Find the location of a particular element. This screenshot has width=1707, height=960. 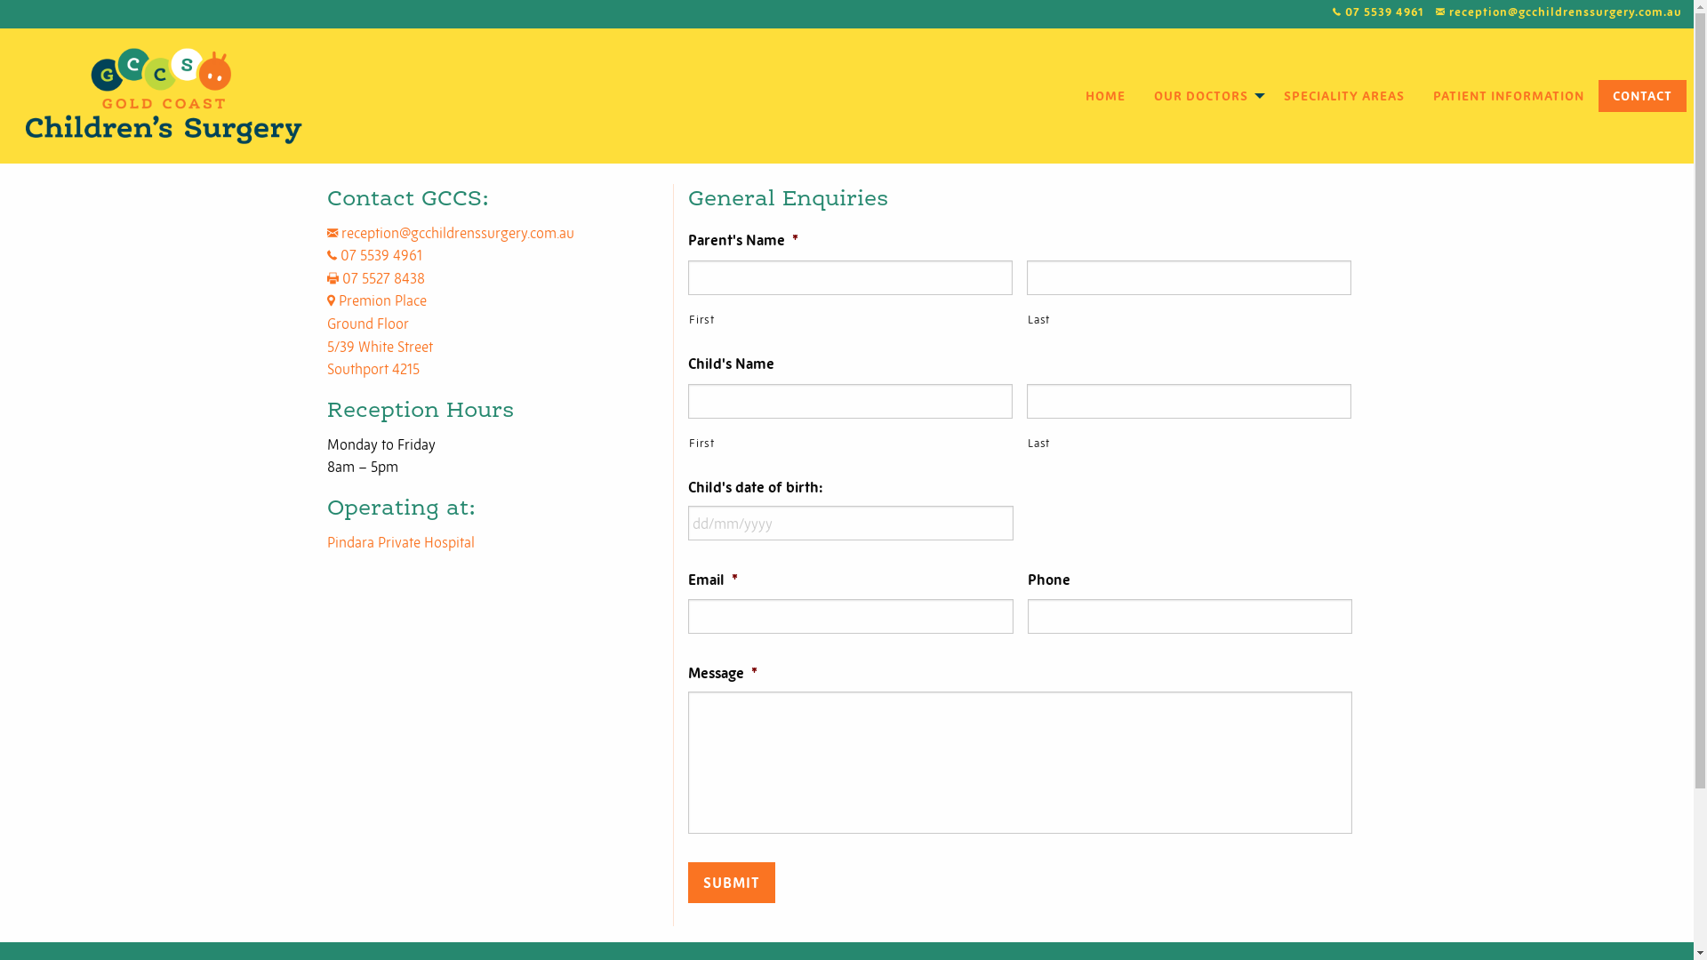

'reception@gcchildrenssurgery.com.au' is located at coordinates (451, 232).